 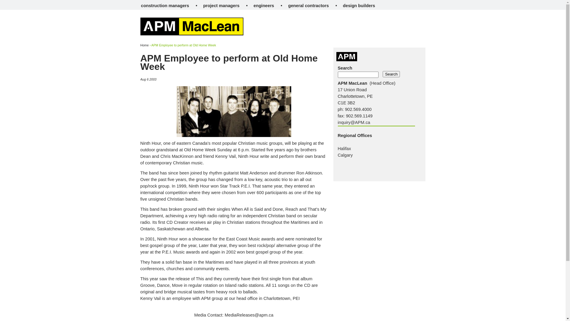 What do you see at coordinates (359, 6) in the screenshot?
I see `'design builders'` at bounding box center [359, 6].